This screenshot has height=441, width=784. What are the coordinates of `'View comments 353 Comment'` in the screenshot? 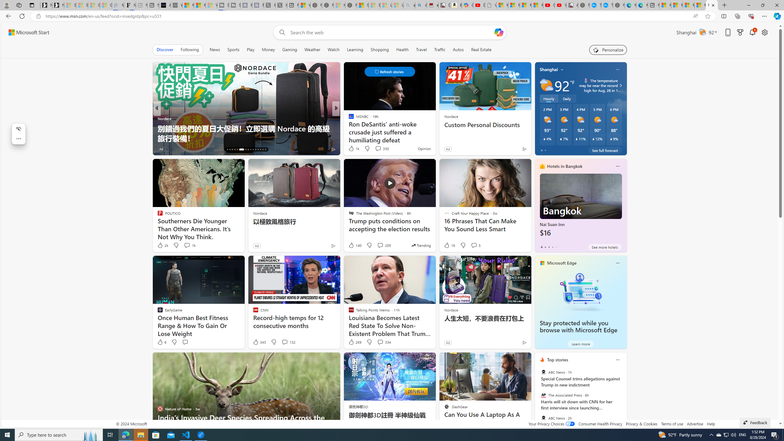 It's located at (378, 149).